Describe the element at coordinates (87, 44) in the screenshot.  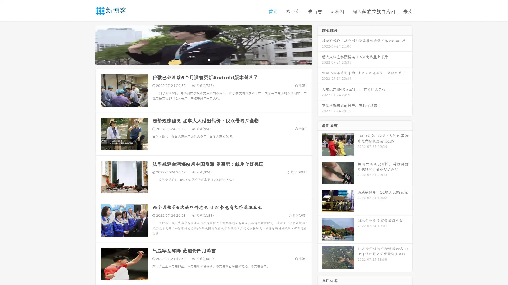
I see `Previous slide` at that location.